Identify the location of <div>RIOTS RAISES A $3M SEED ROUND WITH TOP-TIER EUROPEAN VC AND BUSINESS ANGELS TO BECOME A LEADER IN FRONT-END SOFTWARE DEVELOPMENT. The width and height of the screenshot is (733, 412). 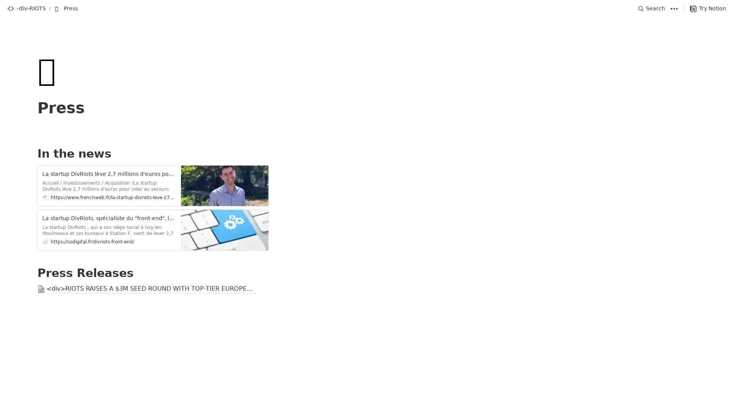
(366, 289).